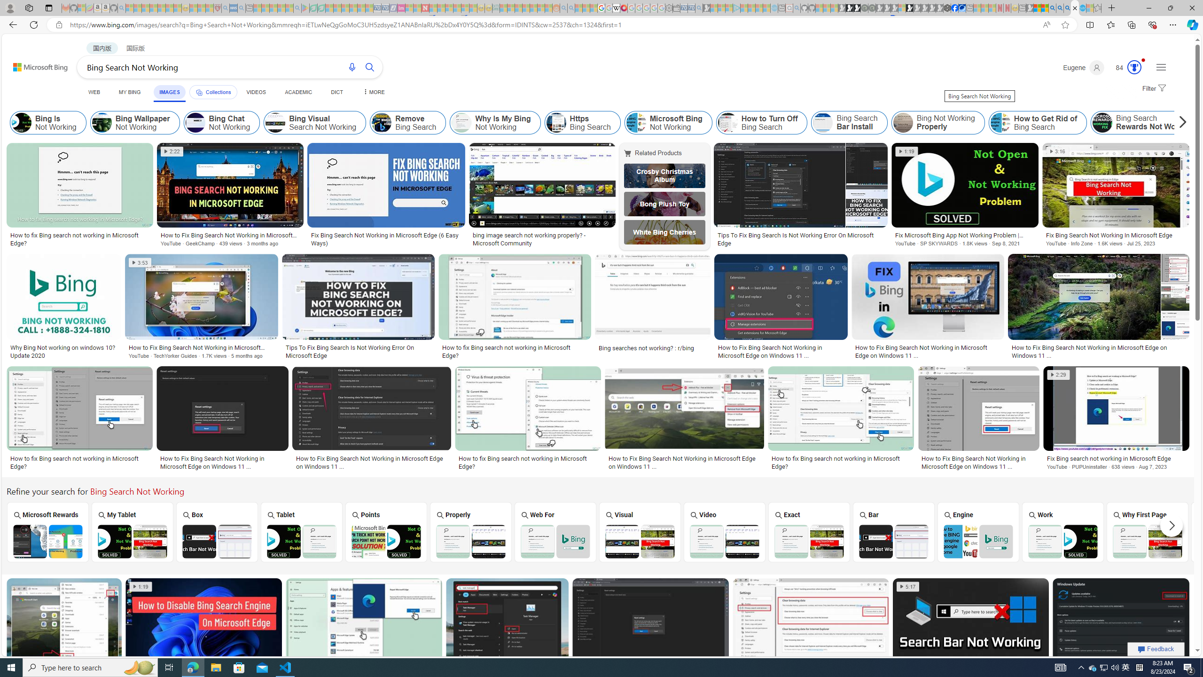 This screenshot has width=1203, height=677. Describe the element at coordinates (978, 531) in the screenshot. I see `'Bing Search Engine Not Working Engine'` at that location.